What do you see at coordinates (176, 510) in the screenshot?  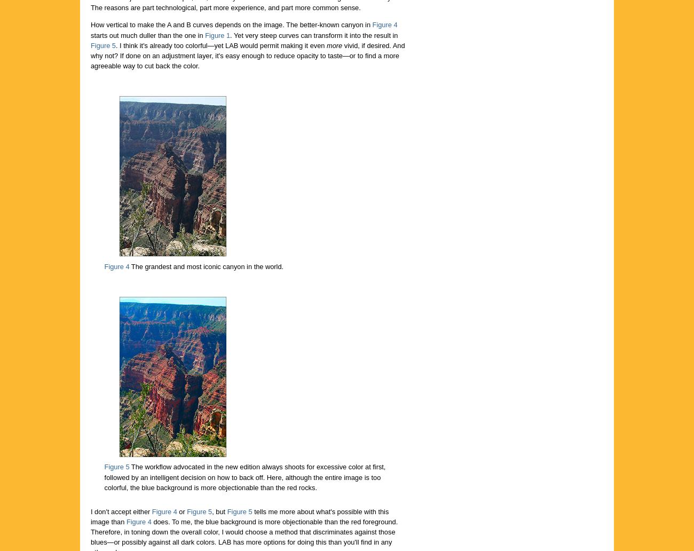 I see `'or'` at bounding box center [176, 510].